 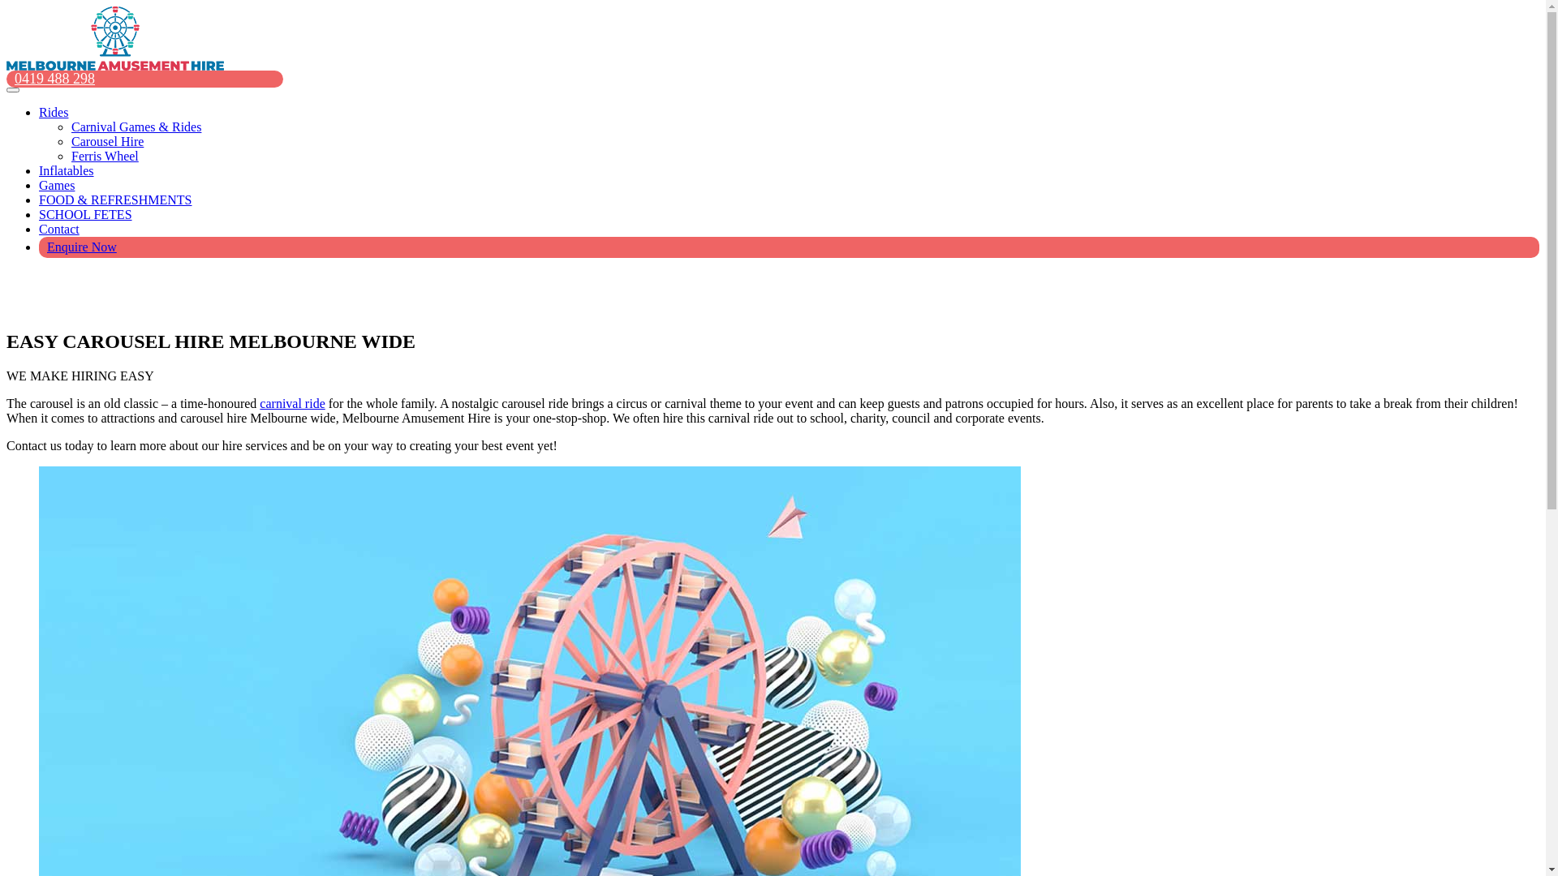 I want to click on 'FOOD & REFRESHMENTS', so click(x=114, y=199).